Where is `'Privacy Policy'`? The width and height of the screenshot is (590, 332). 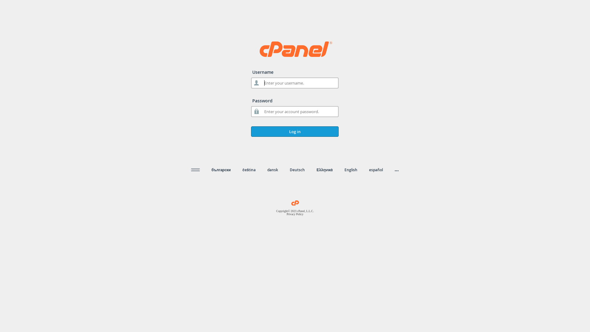 'Privacy Policy' is located at coordinates (295, 214).